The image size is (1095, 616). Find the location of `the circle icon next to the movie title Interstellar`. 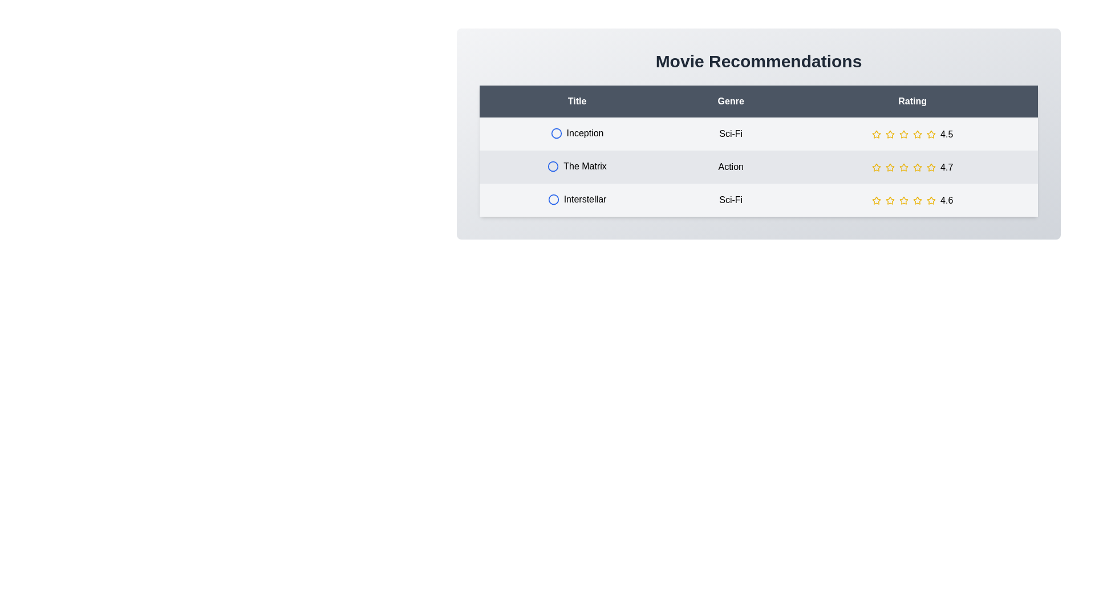

the circle icon next to the movie title Interstellar is located at coordinates (553, 199).